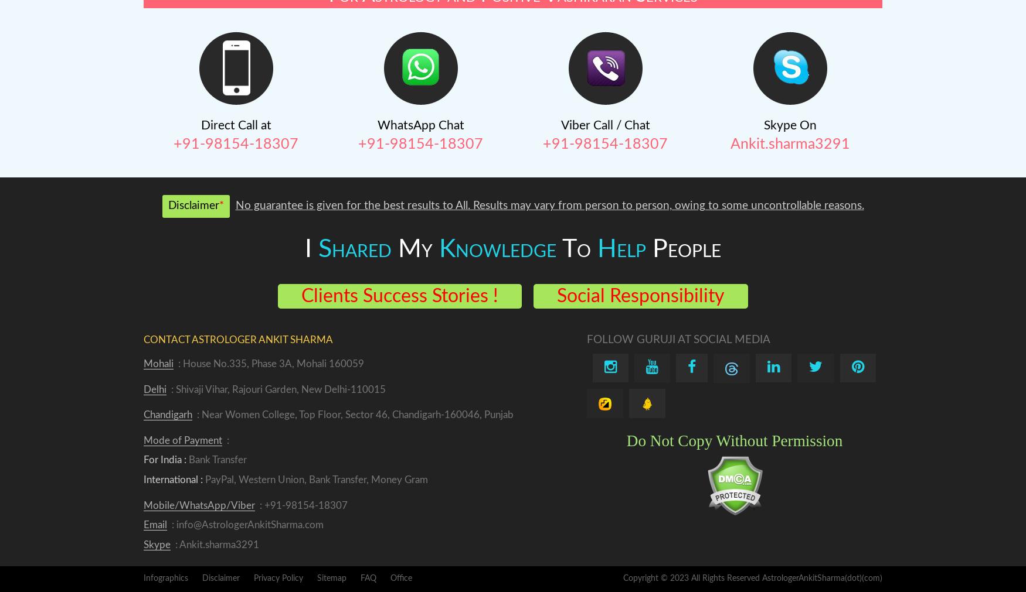 This screenshot has height=592, width=1026. What do you see at coordinates (156, 544) in the screenshot?
I see `'Skype'` at bounding box center [156, 544].